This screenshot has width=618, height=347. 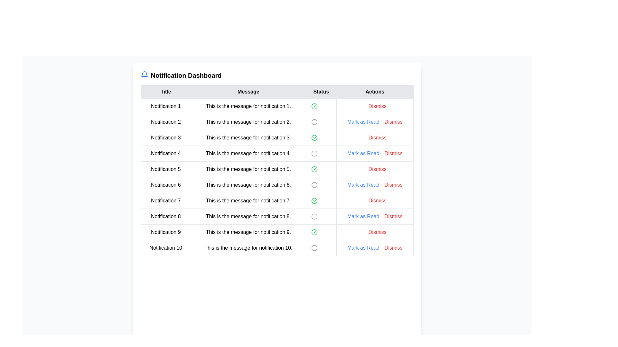 I want to click on the table header cell that sorts the messages or descriptions column, located between the 'Title' and 'Status' headers, so click(x=248, y=92).